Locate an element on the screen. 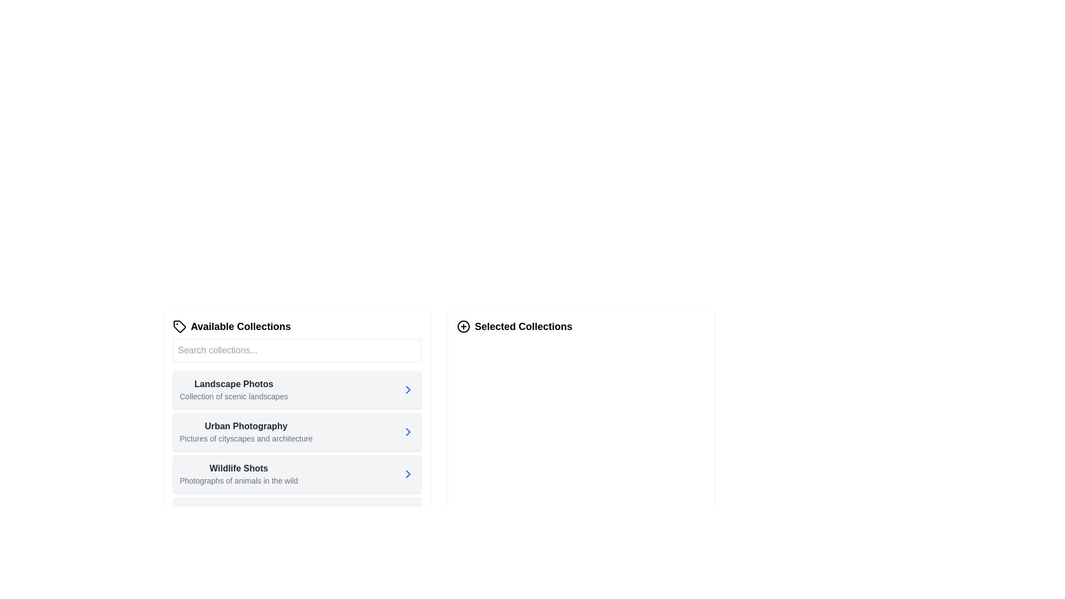 This screenshot has width=1065, height=599. the tagging or labeling icon located next to the 'Available Collections' header is located at coordinates (180, 326).